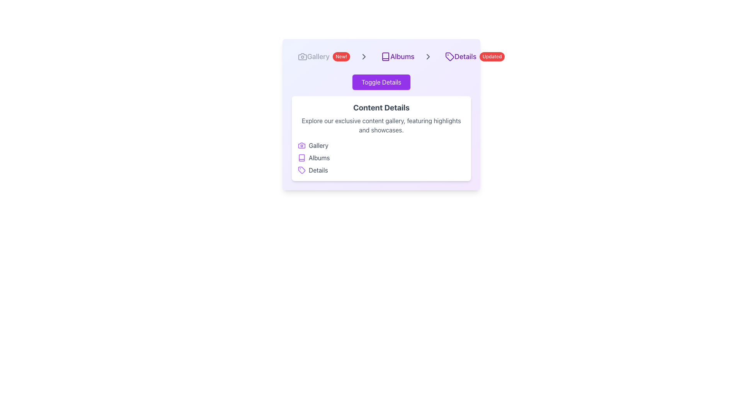 This screenshot has width=742, height=417. Describe the element at coordinates (450, 56) in the screenshot. I see `and interpret the graphical meaning of the 'Details' breadcrumb icon in the navigation bar, located immediately left of the 'Details' label` at that location.